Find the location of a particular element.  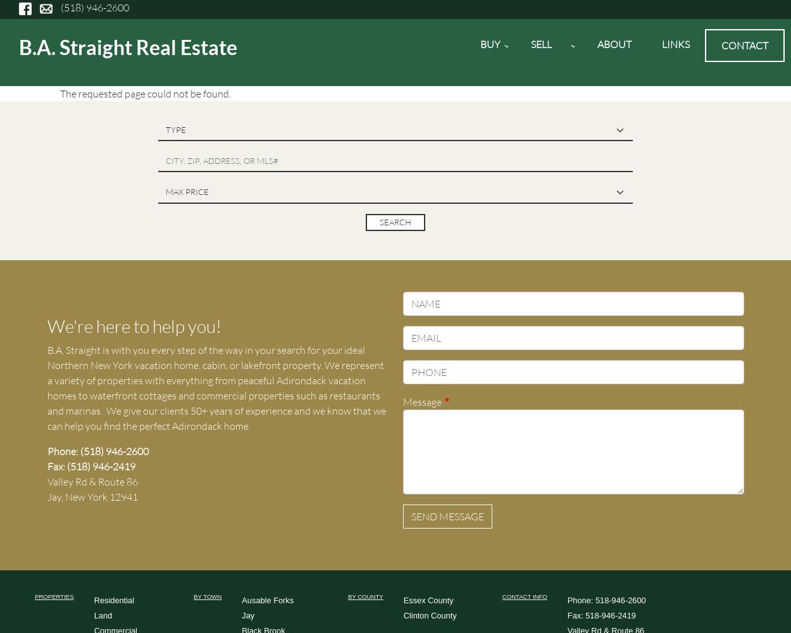

'By Town' is located at coordinates (207, 596).